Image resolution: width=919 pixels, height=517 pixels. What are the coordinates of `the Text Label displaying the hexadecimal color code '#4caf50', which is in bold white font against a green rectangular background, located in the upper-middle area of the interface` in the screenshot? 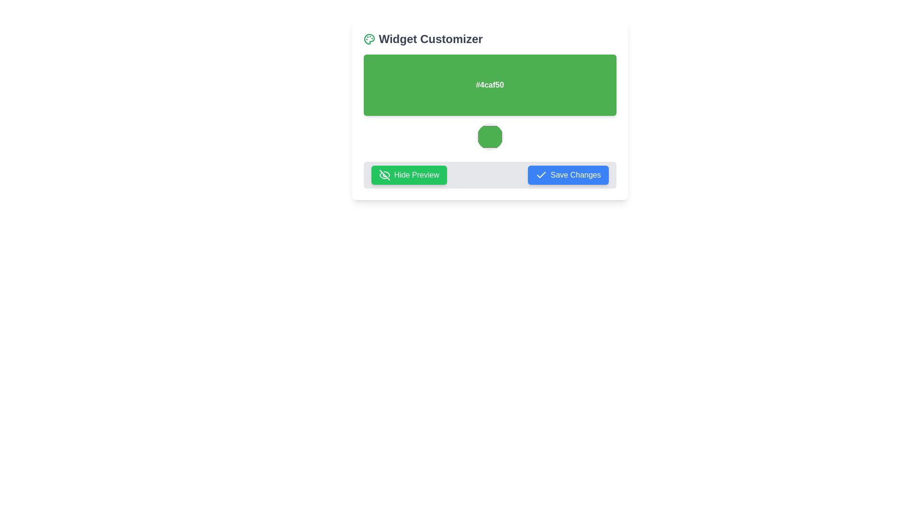 It's located at (490, 84).